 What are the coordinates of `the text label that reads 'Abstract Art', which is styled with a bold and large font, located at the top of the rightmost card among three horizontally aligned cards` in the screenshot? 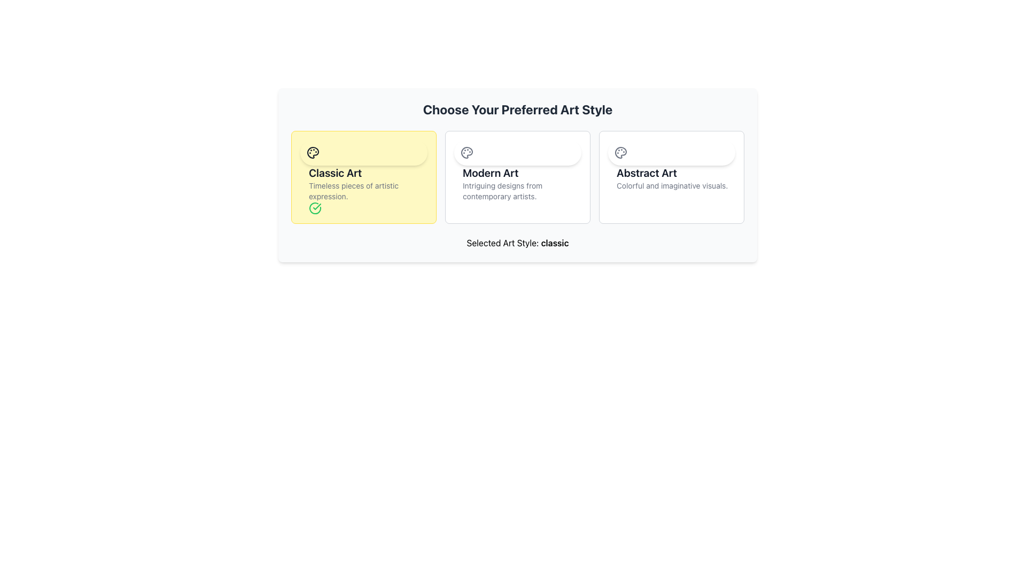 It's located at (675, 173).